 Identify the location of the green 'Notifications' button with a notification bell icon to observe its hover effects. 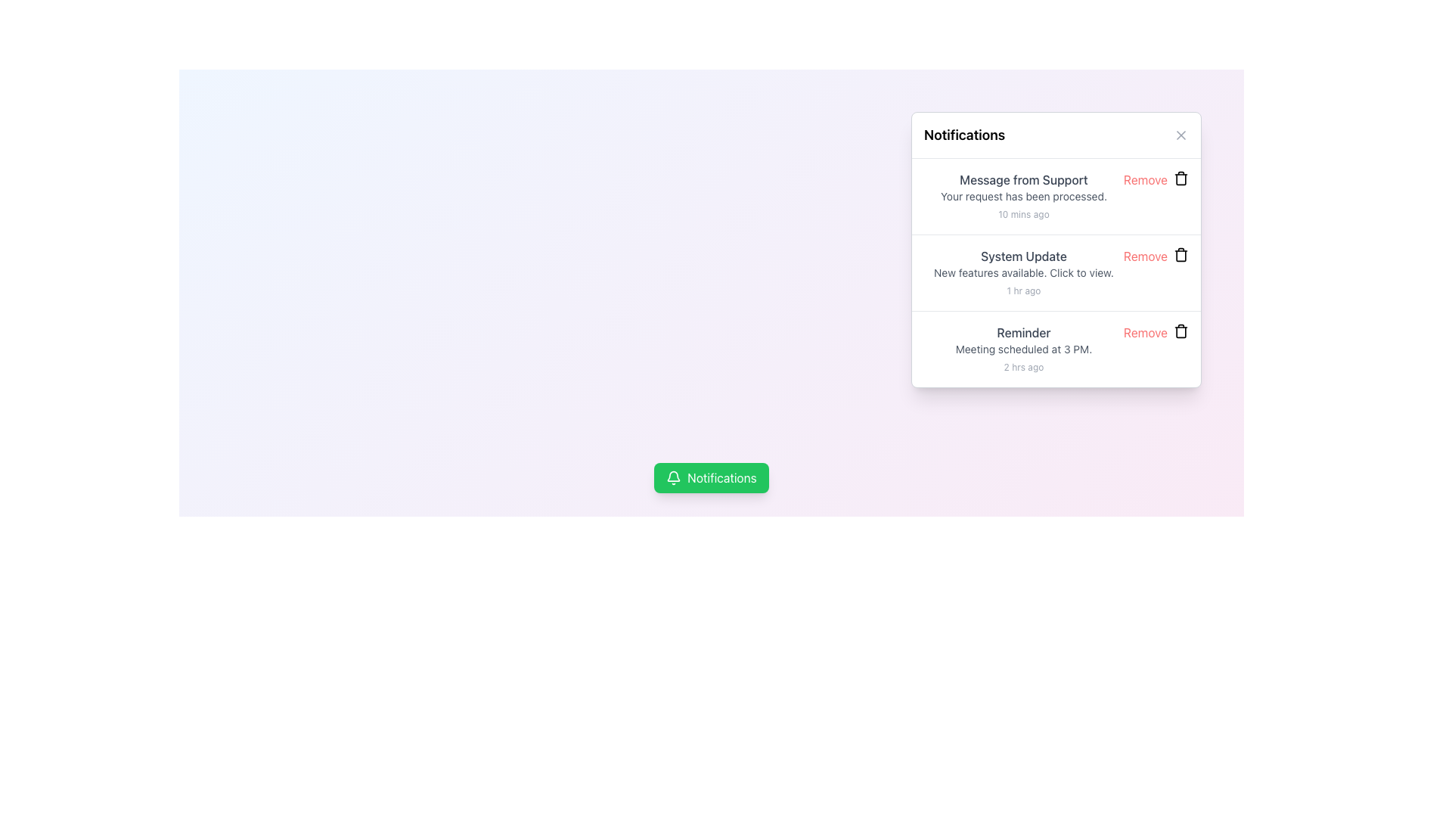
(710, 478).